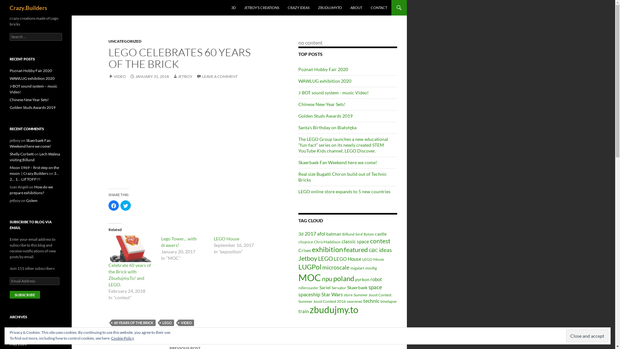 The height and width of the screenshot is (349, 620). Describe the element at coordinates (304, 250) in the screenshot. I see `'Crises'` at that location.